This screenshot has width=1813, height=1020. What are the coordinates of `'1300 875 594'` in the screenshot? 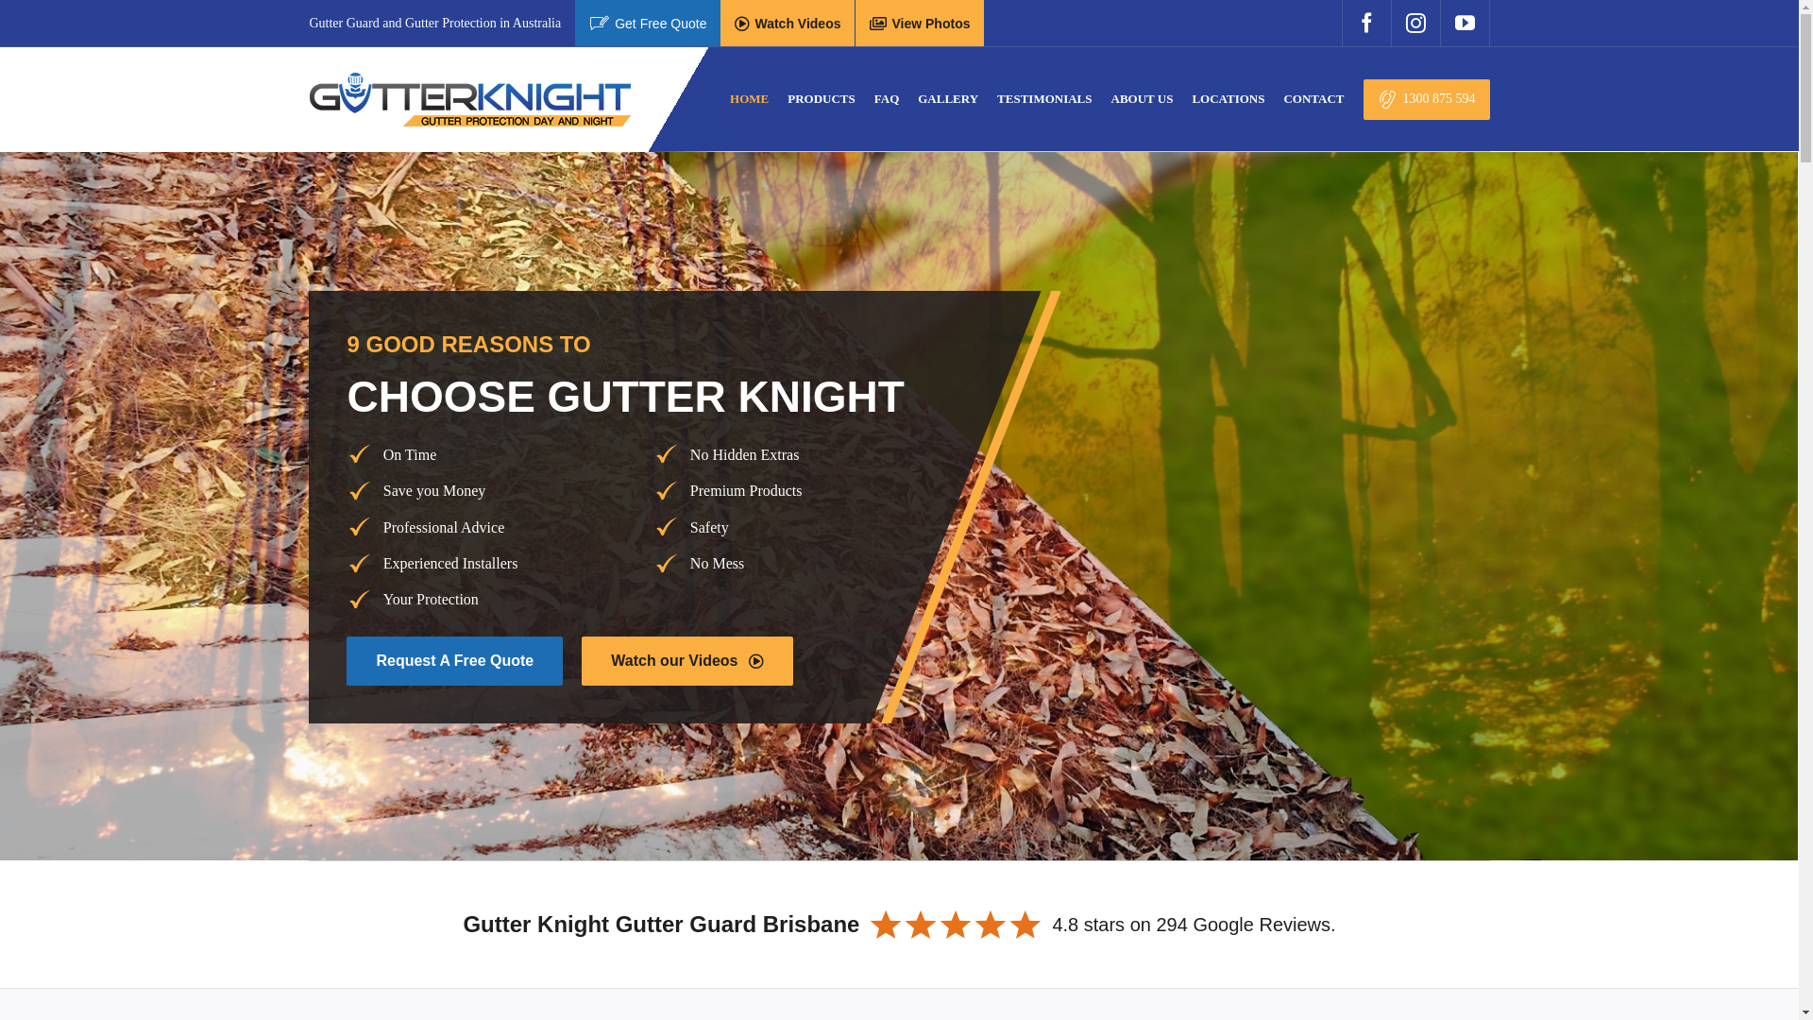 It's located at (1427, 99).